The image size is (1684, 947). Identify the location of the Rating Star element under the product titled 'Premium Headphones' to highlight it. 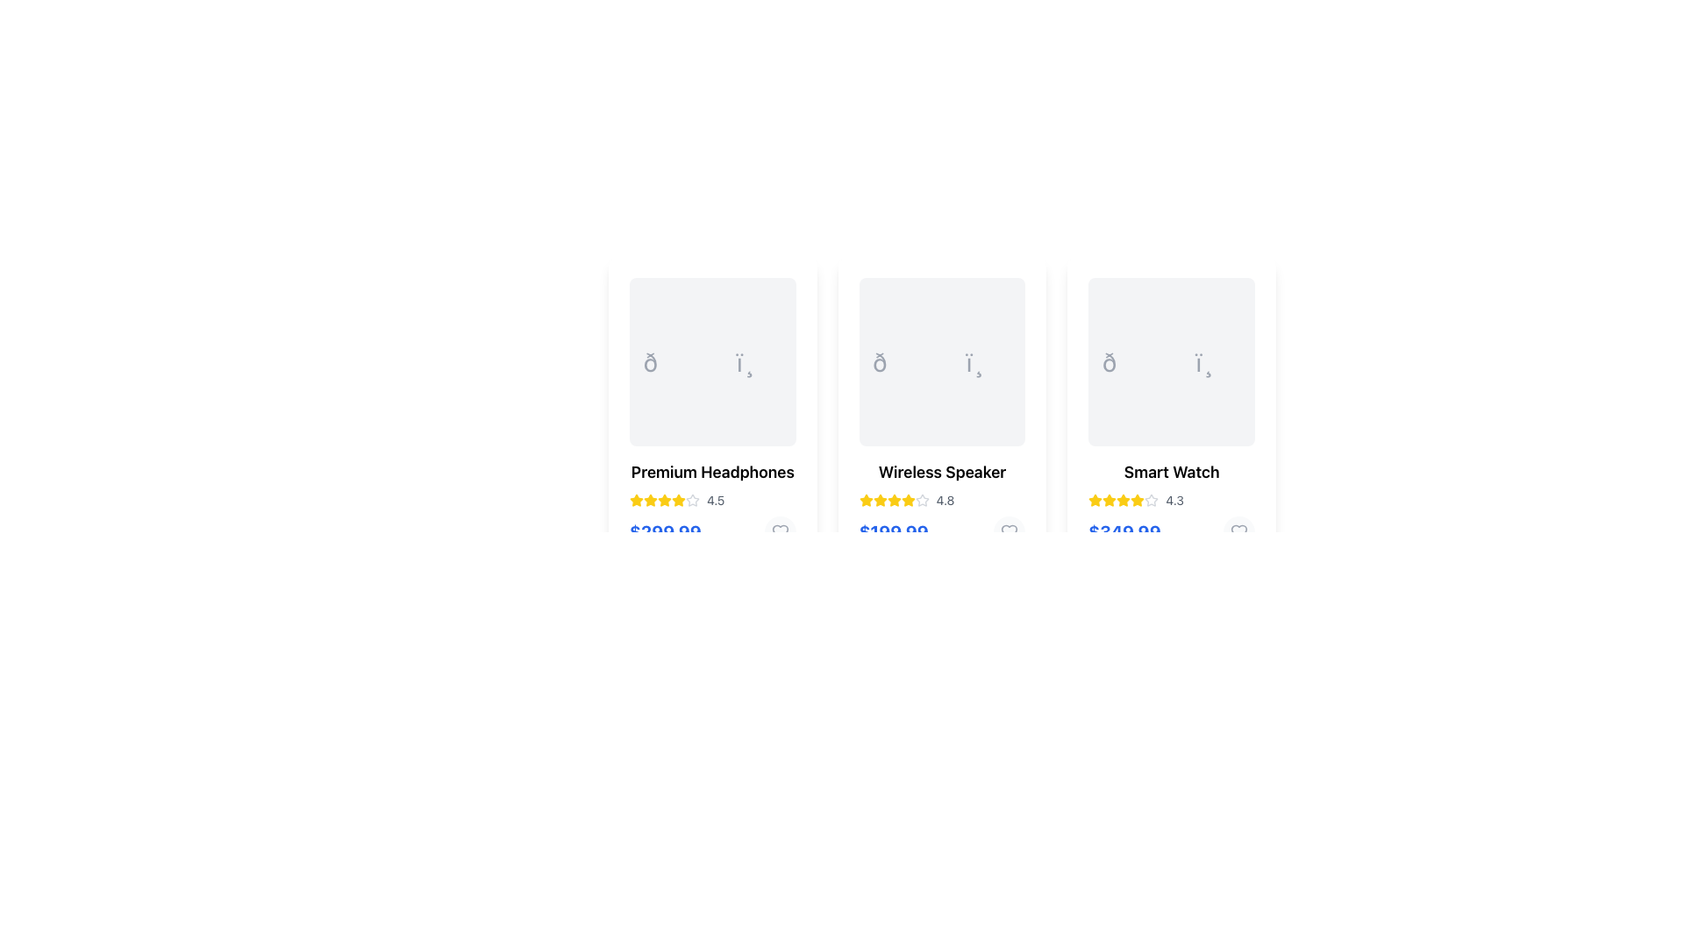
(650, 500).